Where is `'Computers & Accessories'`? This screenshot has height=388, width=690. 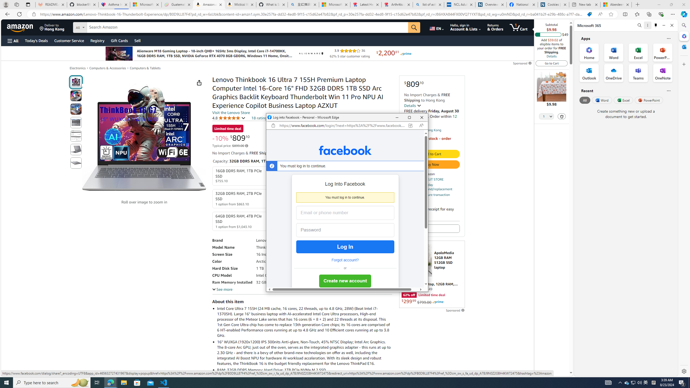 'Computers & Accessories' is located at coordinates (108, 68).